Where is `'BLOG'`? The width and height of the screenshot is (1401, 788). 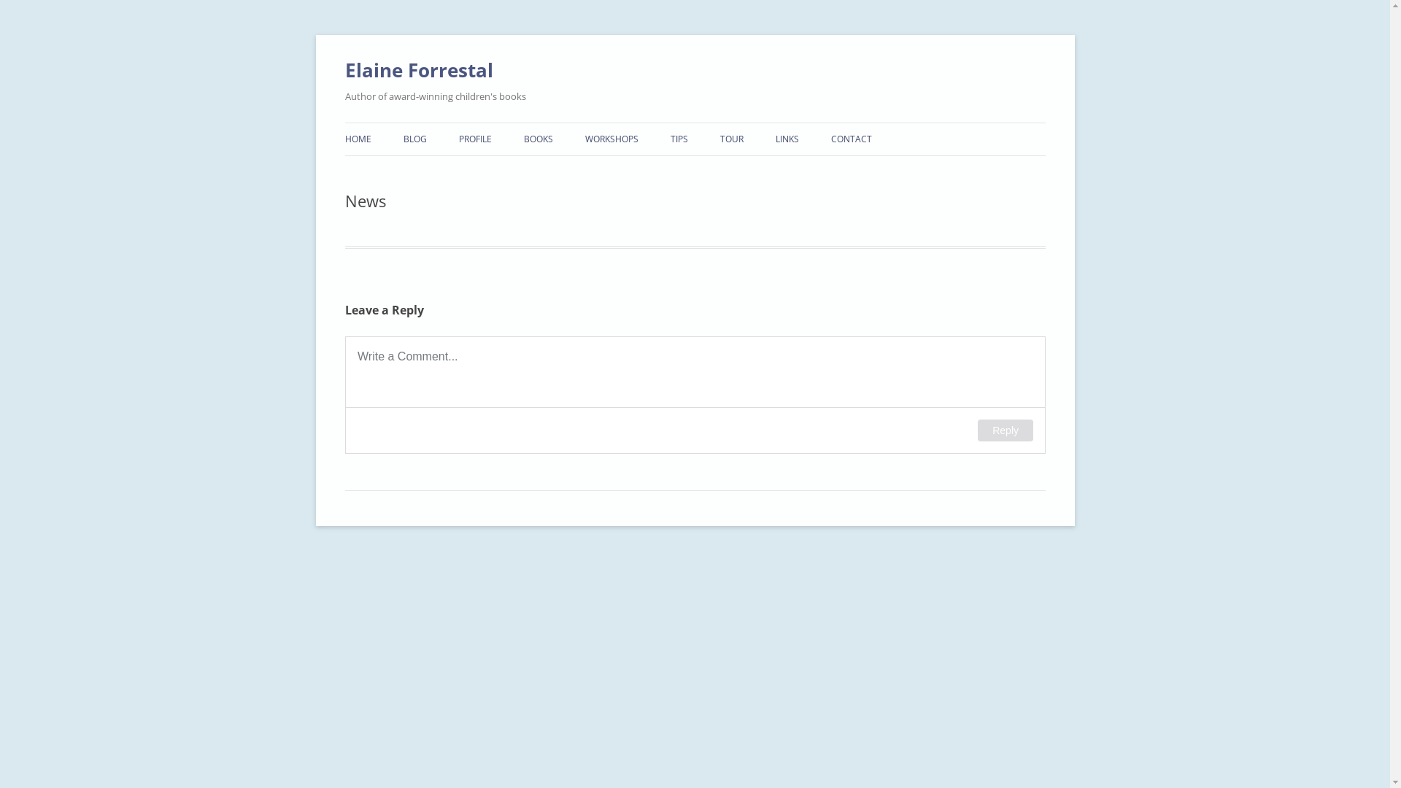 'BLOG' is located at coordinates (403, 139).